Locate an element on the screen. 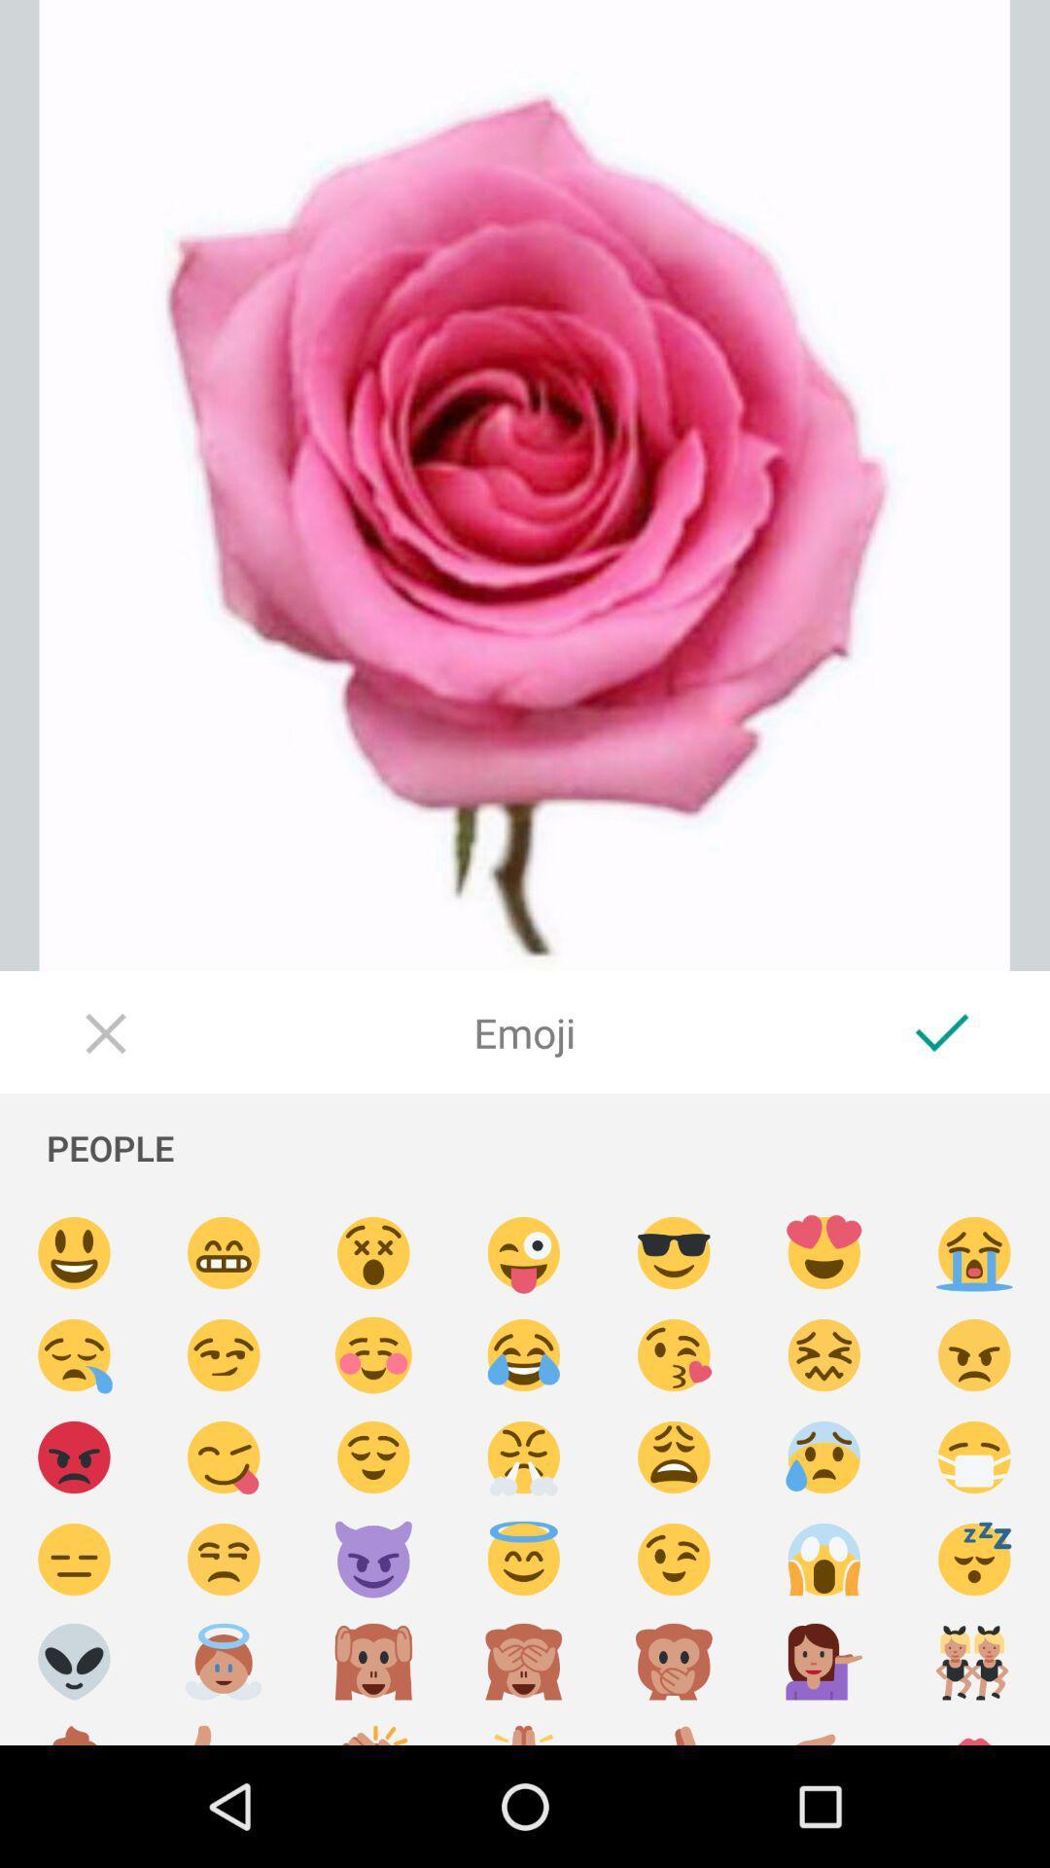 The image size is (1050, 1868). a winking emoji is located at coordinates (673, 1560).